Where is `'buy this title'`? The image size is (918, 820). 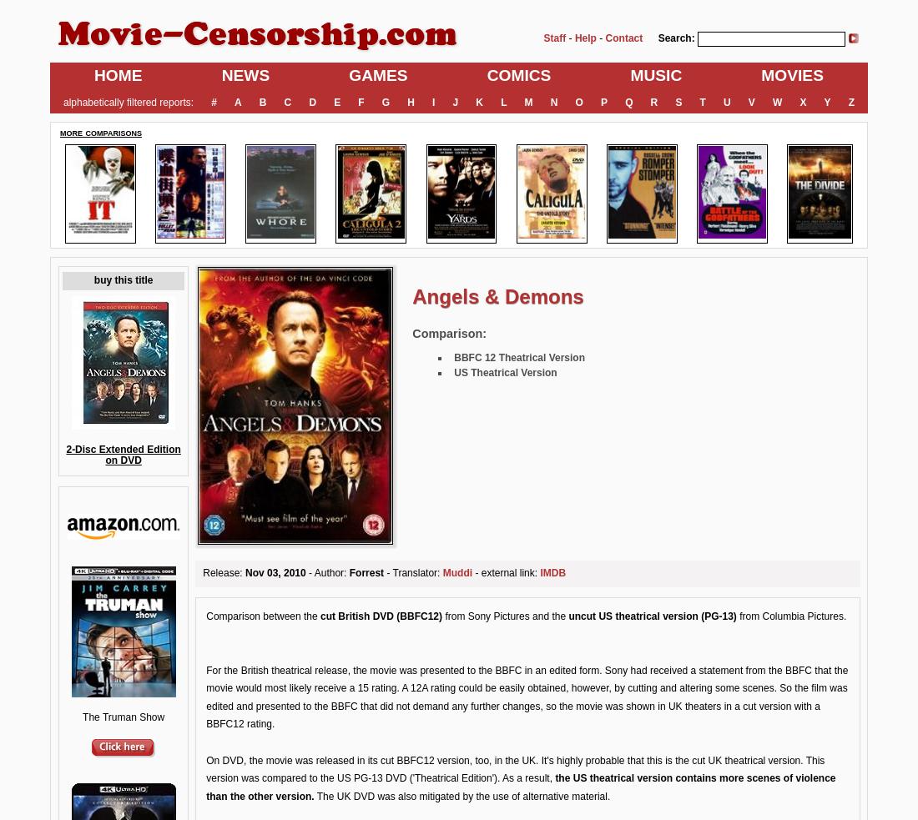 'buy this title' is located at coordinates (122, 279).